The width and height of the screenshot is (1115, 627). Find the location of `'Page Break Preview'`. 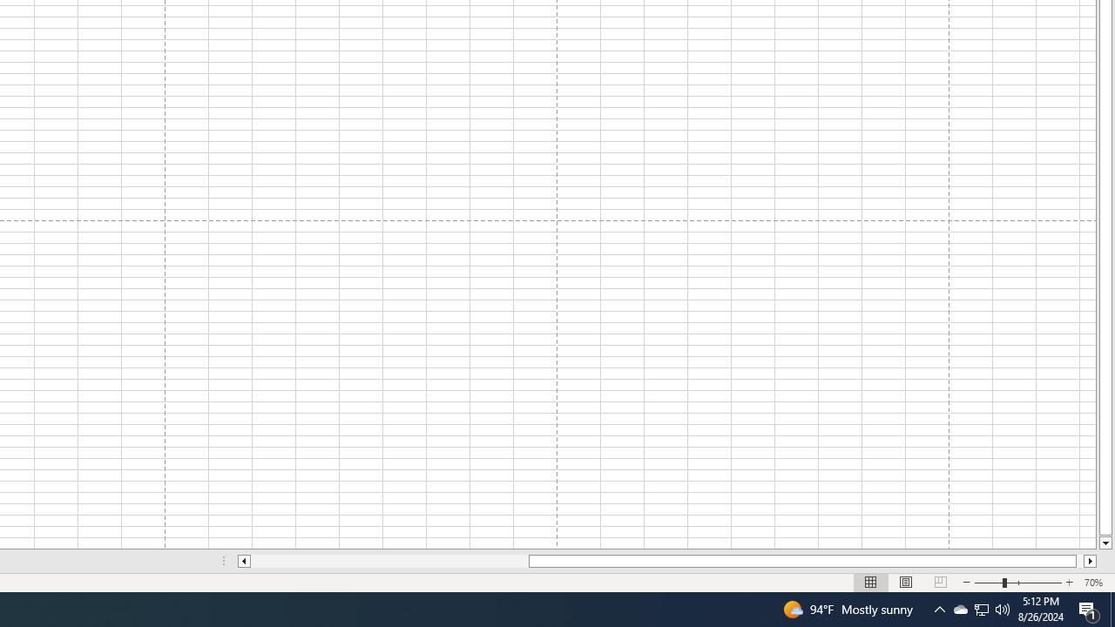

'Page Break Preview' is located at coordinates (939, 583).